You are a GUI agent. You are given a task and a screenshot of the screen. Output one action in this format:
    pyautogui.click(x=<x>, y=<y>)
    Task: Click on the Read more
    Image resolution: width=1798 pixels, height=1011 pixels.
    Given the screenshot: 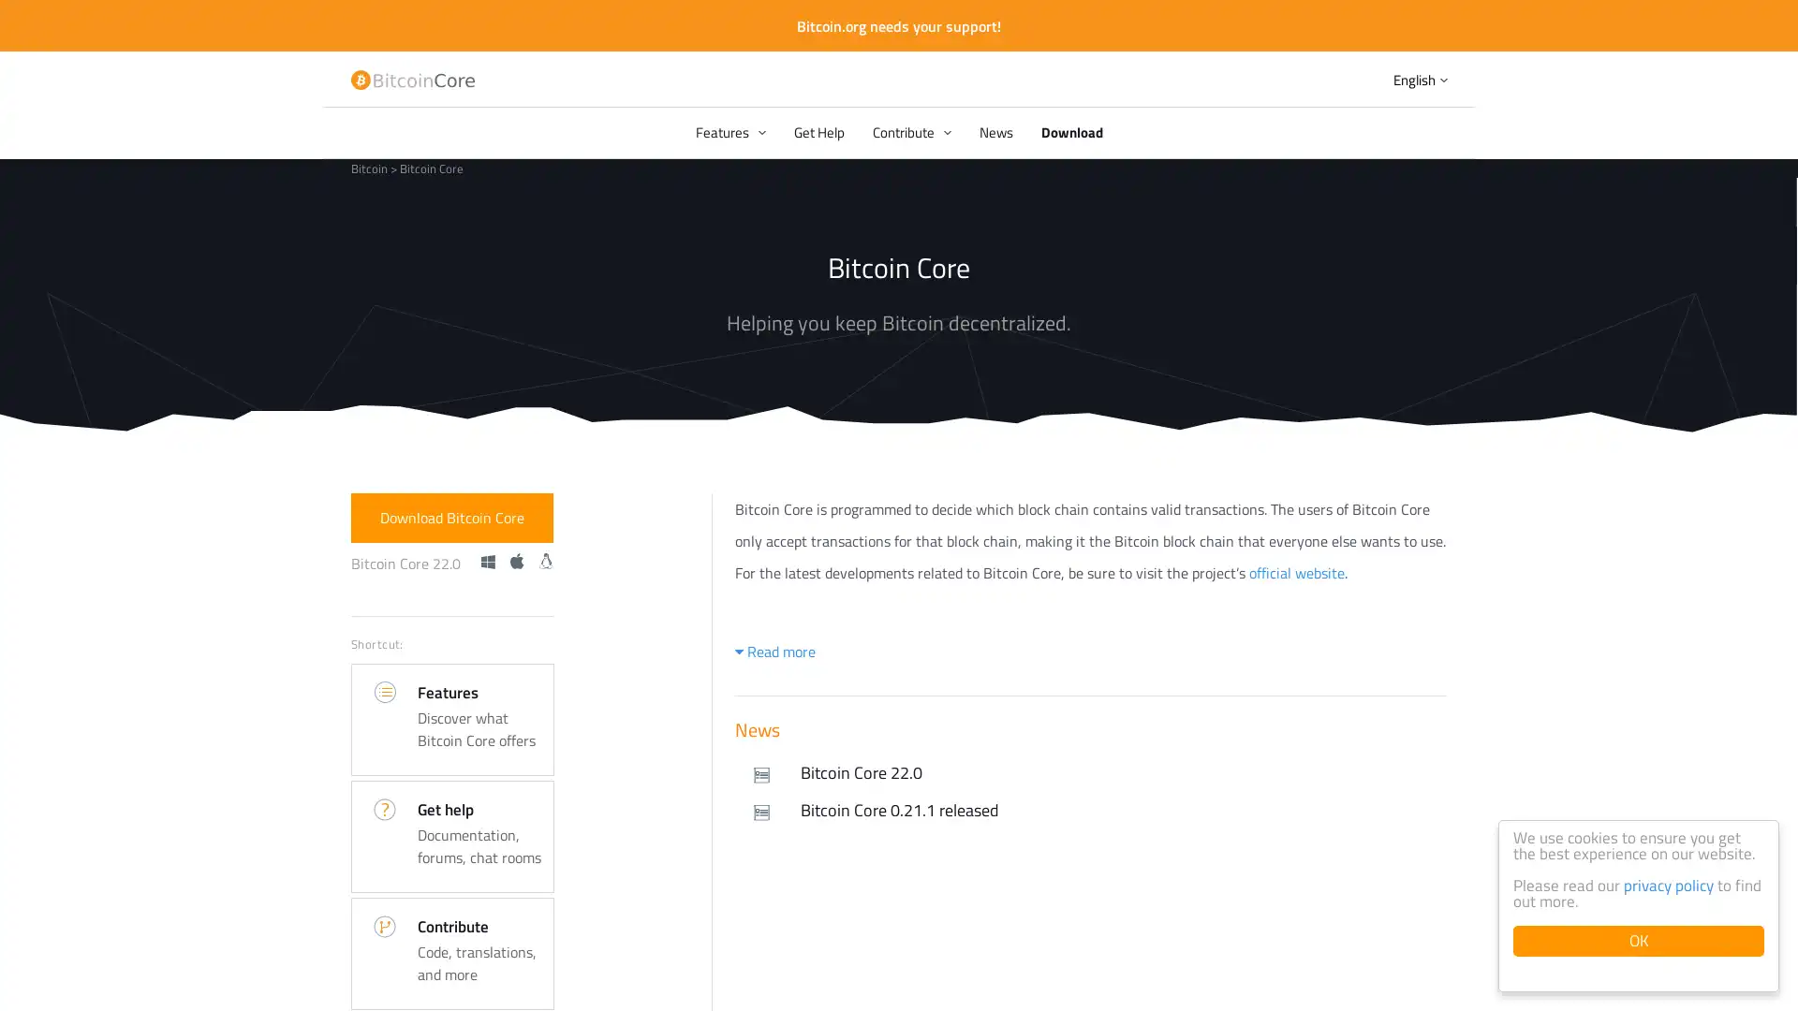 What is the action you would take?
    pyautogui.click(x=774, y=650)
    